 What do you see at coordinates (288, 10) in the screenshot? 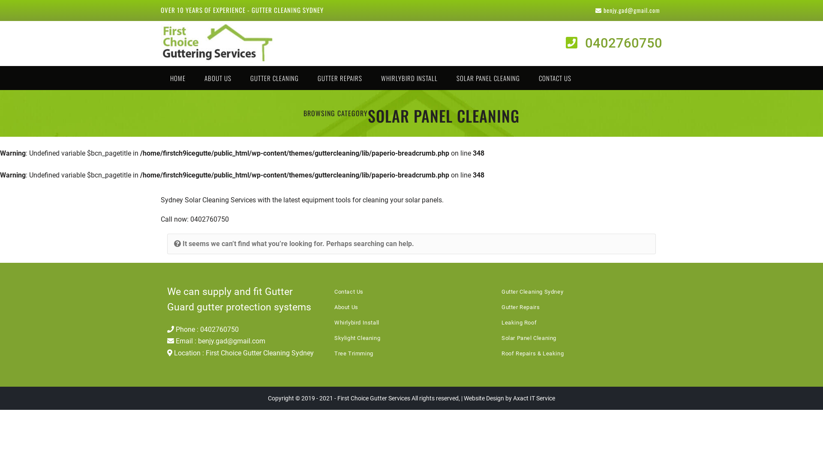
I see `'GUTTER CLEANING SYDNEY'` at bounding box center [288, 10].